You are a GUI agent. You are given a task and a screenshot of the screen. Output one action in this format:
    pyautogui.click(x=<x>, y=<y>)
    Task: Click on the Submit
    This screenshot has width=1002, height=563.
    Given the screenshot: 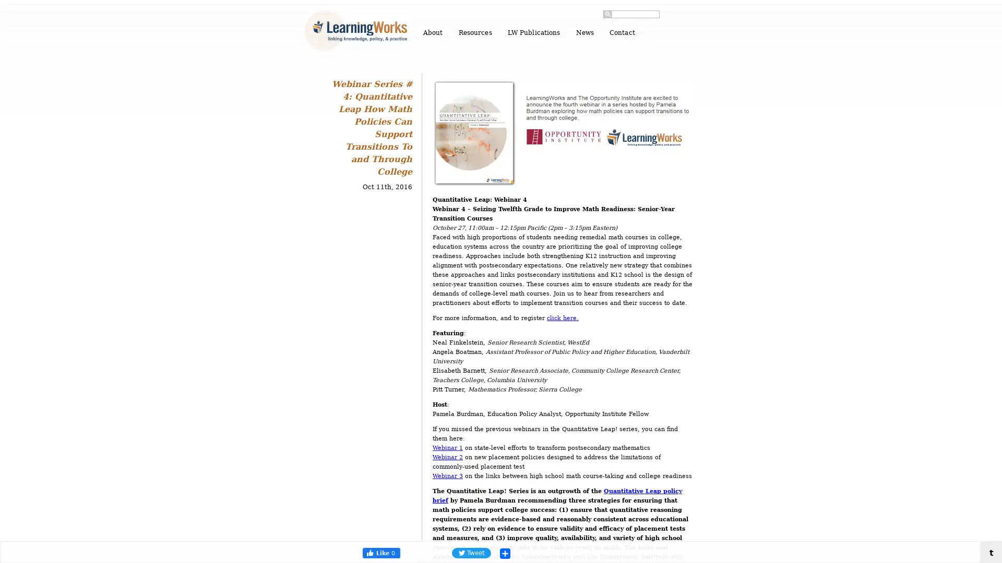 What is the action you would take?
    pyautogui.click(x=607, y=14)
    